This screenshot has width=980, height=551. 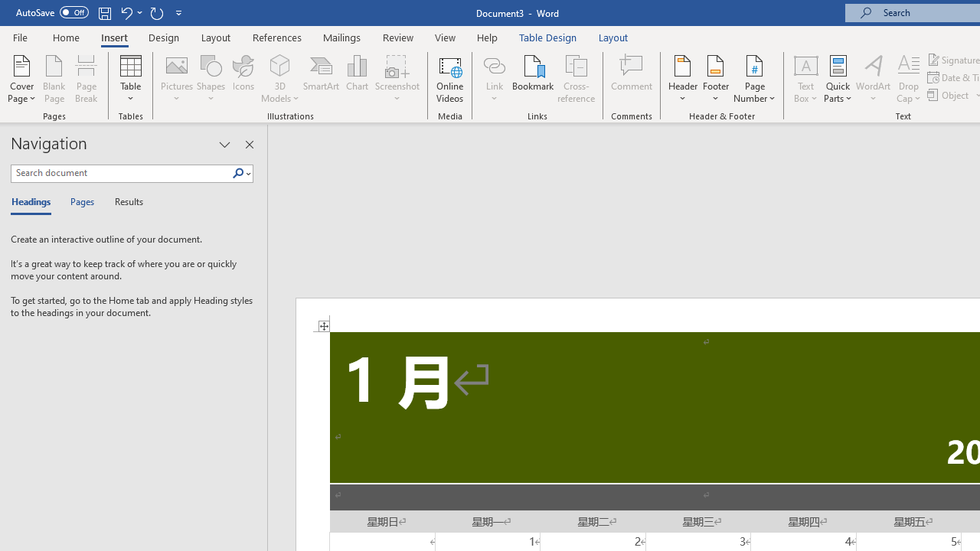 What do you see at coordinates (320, 79) in the screenshot?
I see `'SmartArt...'` at bounding box center [320, 79].